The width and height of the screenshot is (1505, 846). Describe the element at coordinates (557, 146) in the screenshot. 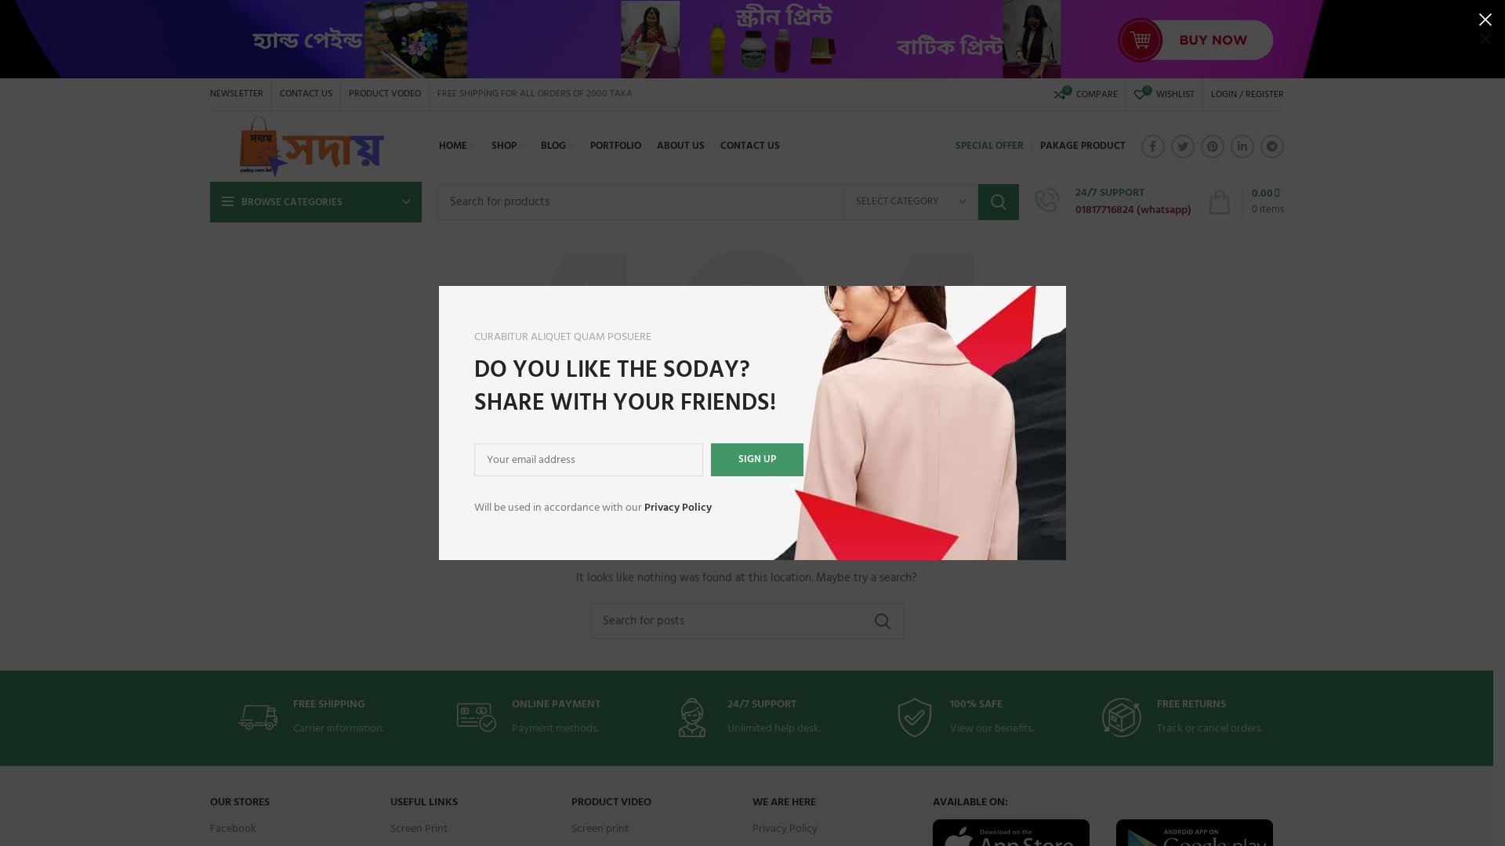

I see `'BLOG'` at that location.